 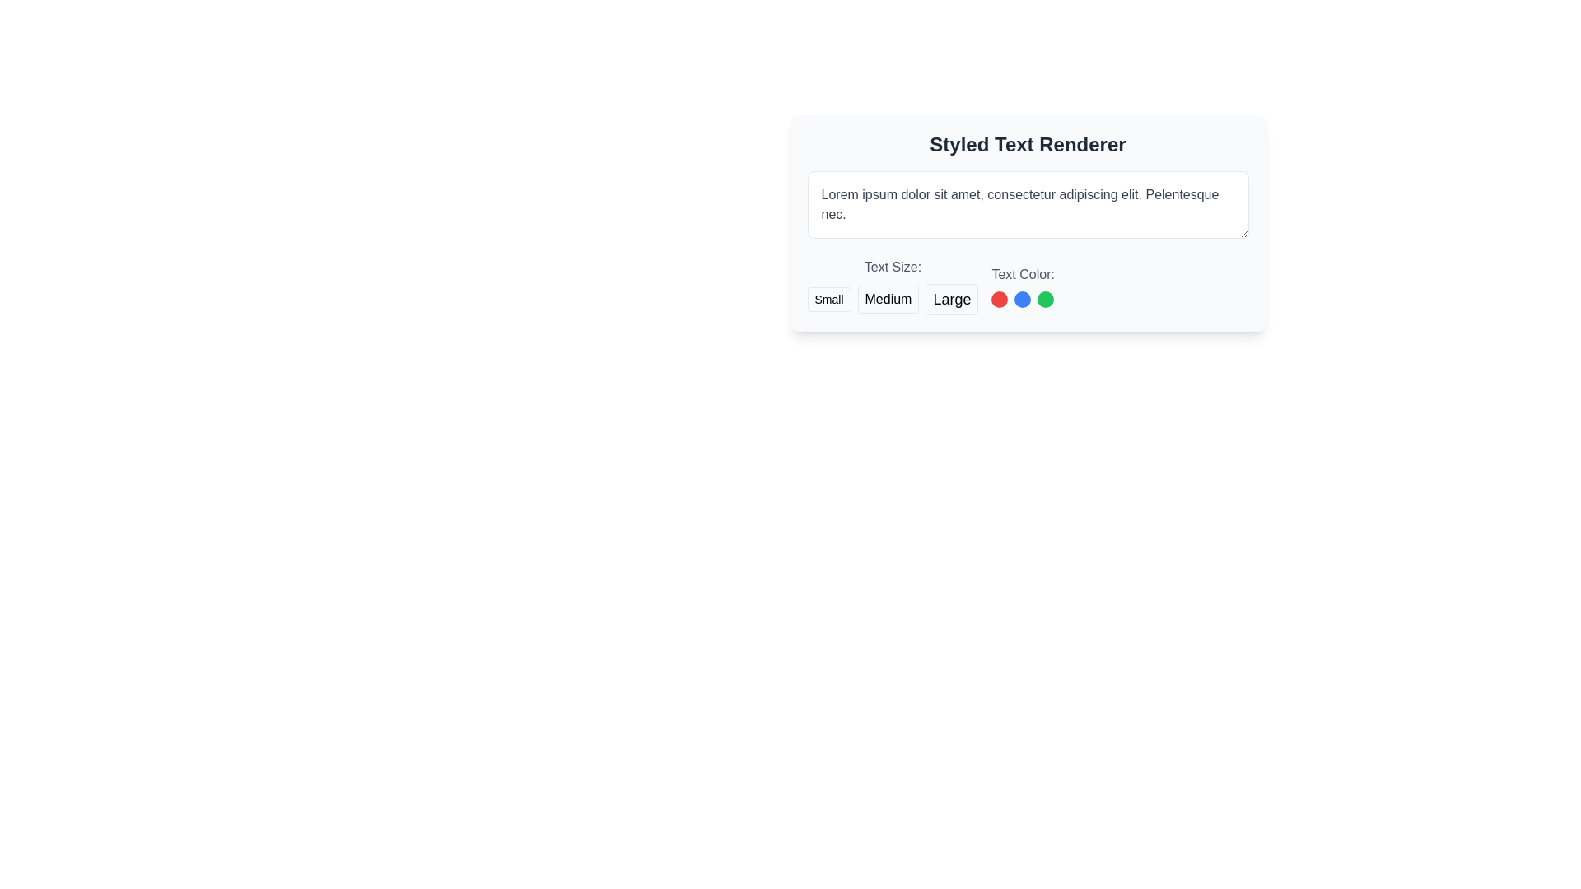 What do you see at coordinates (999, 299) in the screenshot?
I see `the circular red button, which is the first of three colored circles aligned horizontally next to the 'Text Color' label` at bounding box center [999, 299].